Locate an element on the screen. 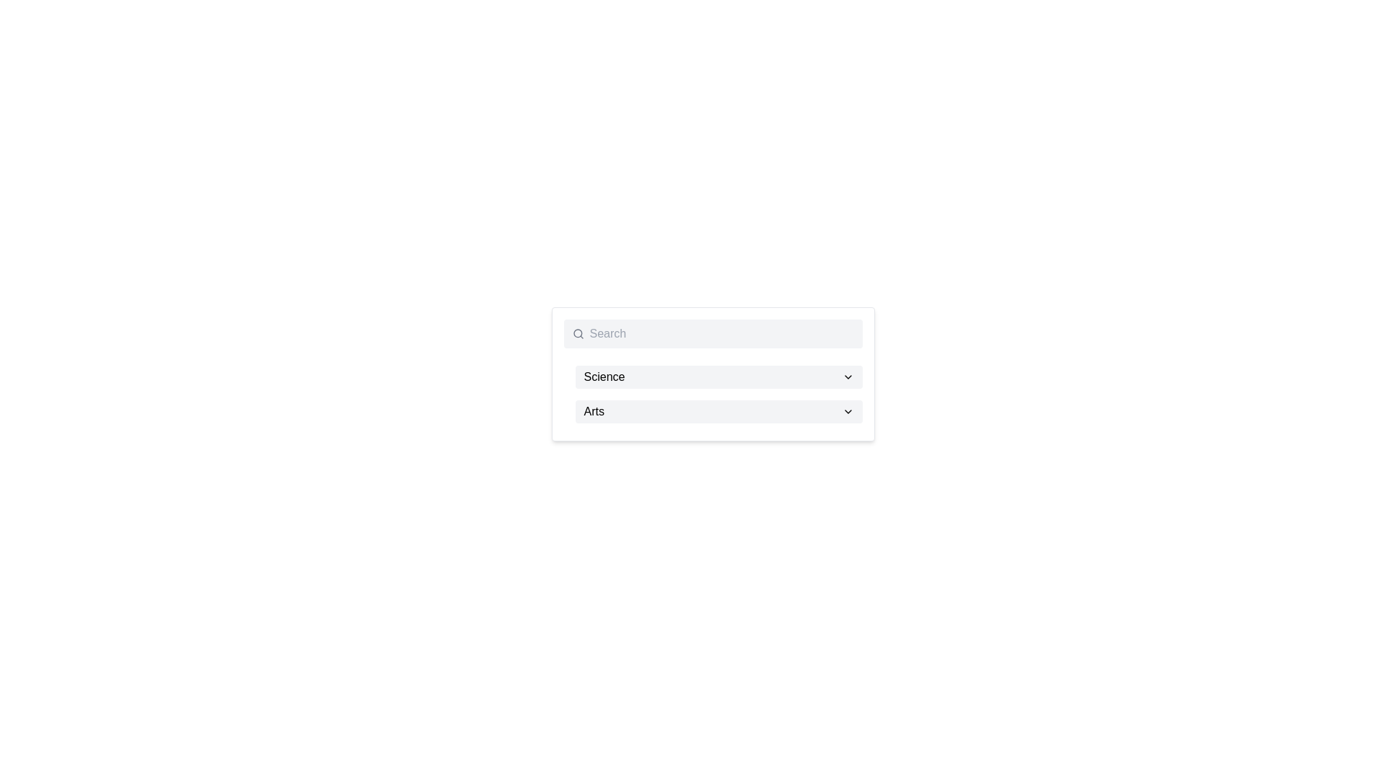 The image size is (1385, 779). the selectable list item labeled 'Arts' in the dropdown menu is located at coordinates (718, 411).